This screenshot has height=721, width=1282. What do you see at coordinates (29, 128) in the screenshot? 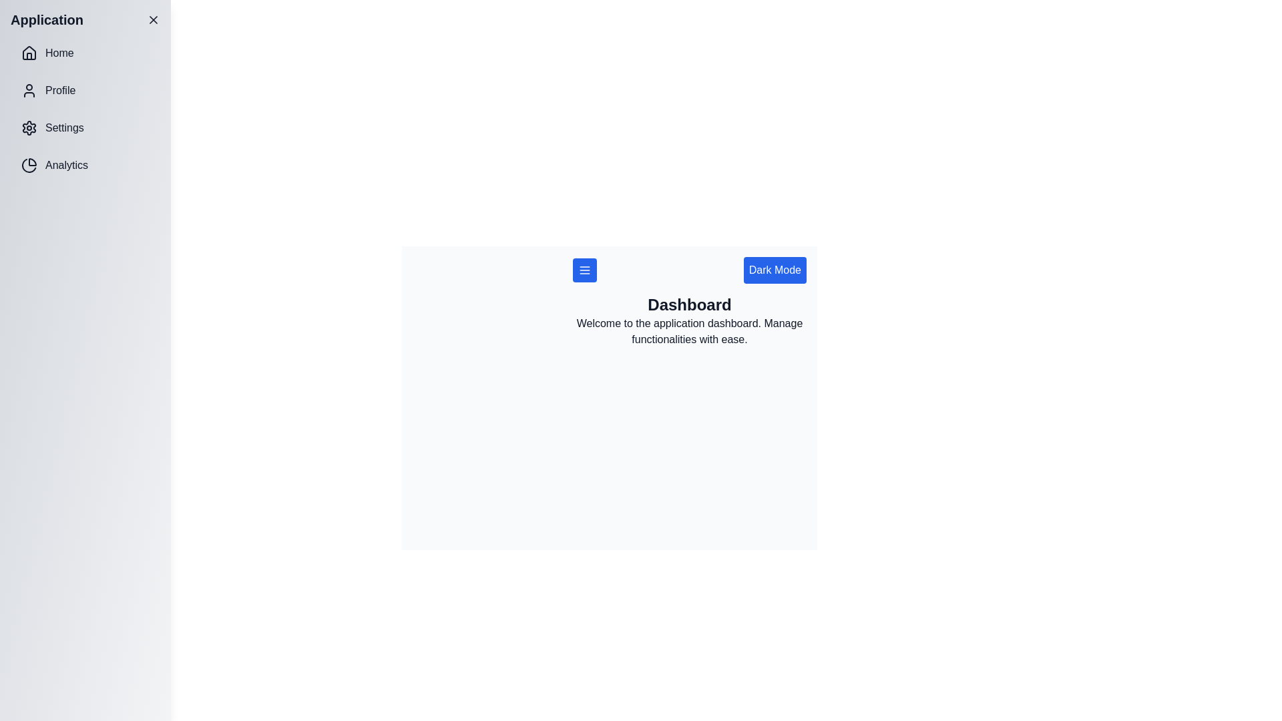
I see `the gear-shaped icon that indicates the 'Settings' menu item, which is located in the vertical navigation panel to the left of the text label 'Settings'` at bounding box center [29, 128].